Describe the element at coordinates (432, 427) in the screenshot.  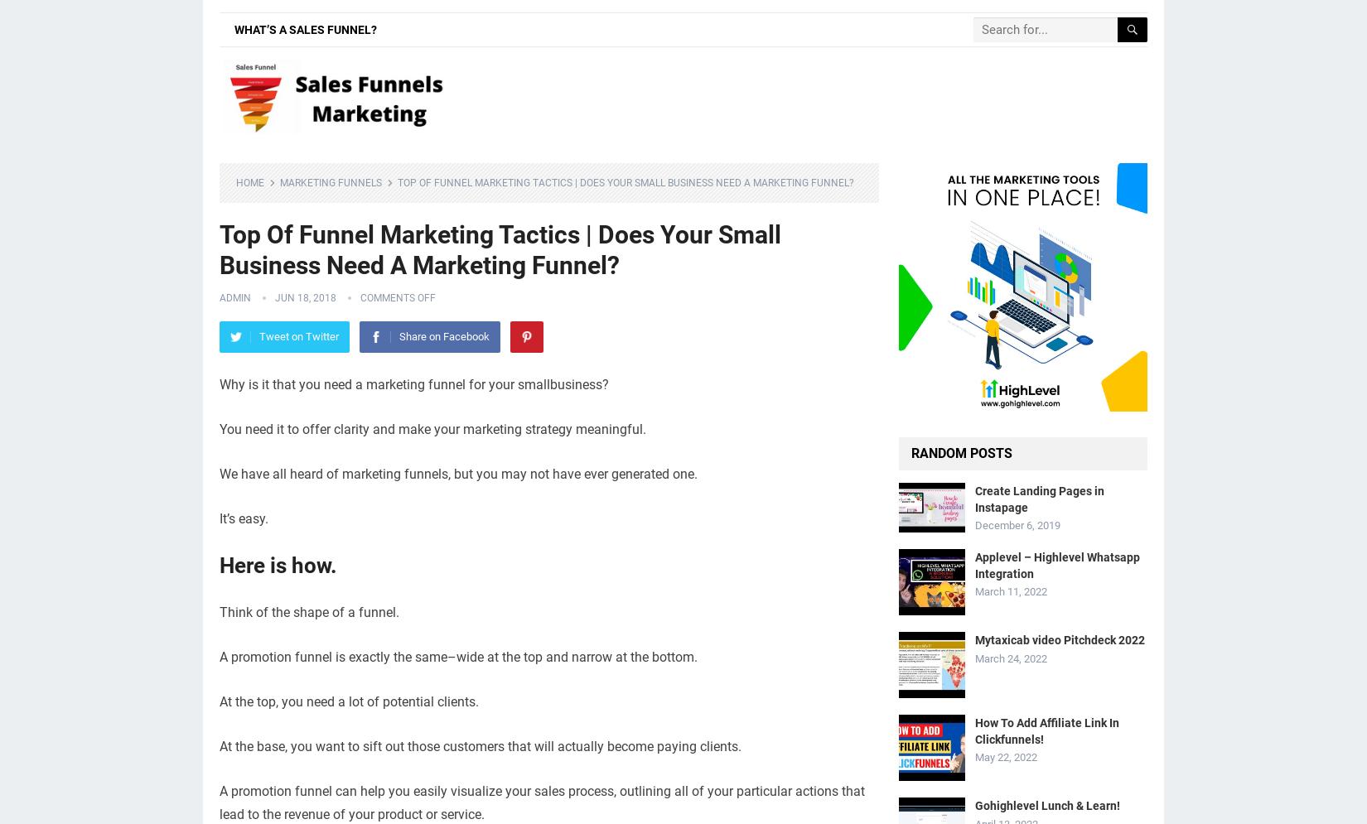
I see `'You need it to offer clarity and make your marketing strategy meaningful.'` at that location.